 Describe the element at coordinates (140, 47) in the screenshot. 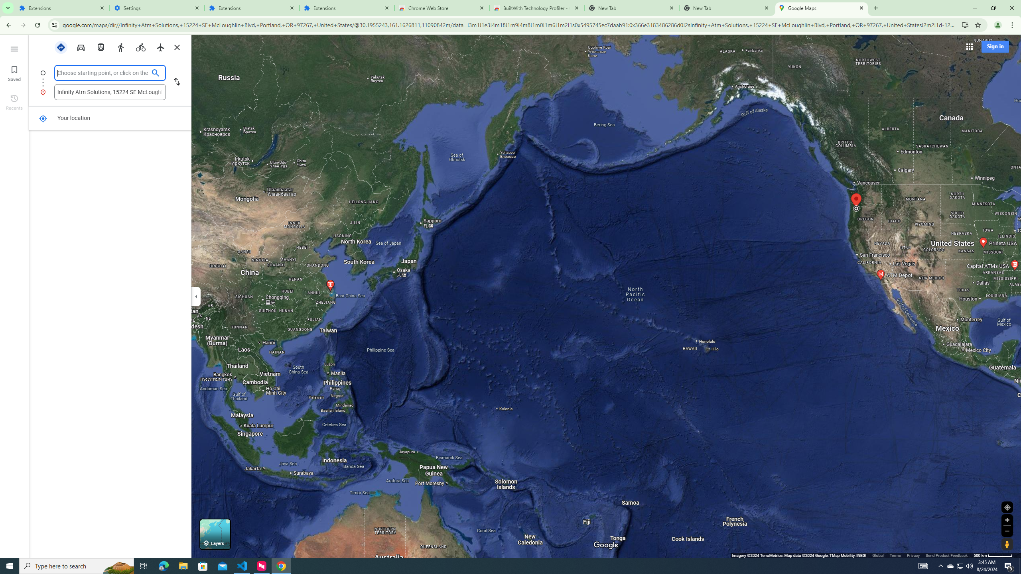

I see `'Cycling'` at that location.